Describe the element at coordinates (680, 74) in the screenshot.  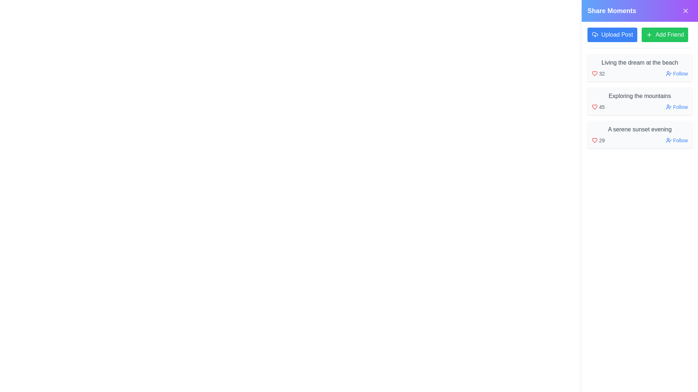
I see `the blue 'Follow' text button that is styled in bold, located beside a user icon in the 'Share Moments' section of the interface` at that location.